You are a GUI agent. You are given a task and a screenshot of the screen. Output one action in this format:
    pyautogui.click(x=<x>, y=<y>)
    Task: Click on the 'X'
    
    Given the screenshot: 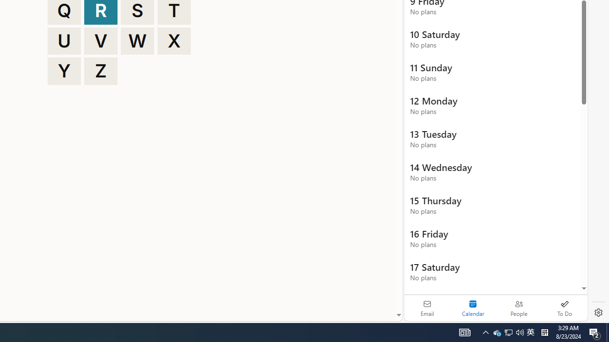 What is the action you would take?
    pyautogui.click(x=174, y=40)
    